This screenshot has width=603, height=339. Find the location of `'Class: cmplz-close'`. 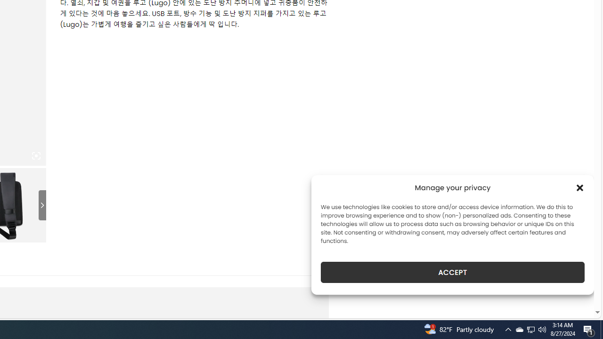

'Class: cmplz-close' is located at coordinates (579, 187).